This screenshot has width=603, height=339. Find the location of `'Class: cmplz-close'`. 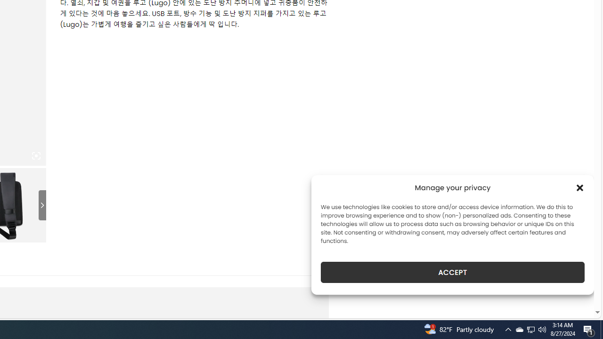

'Class: cmplz-close' is located at coordinates (579, 187).